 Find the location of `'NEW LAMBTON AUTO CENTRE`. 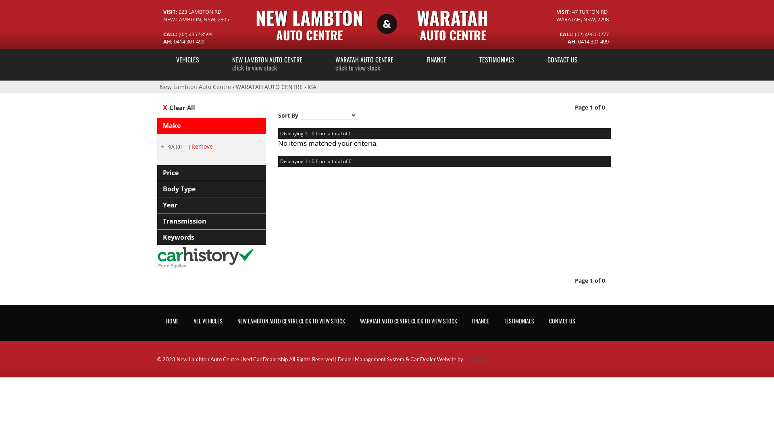

'NEW LAMBTON AUTO CENTRE is located at coordinates (267, 63).